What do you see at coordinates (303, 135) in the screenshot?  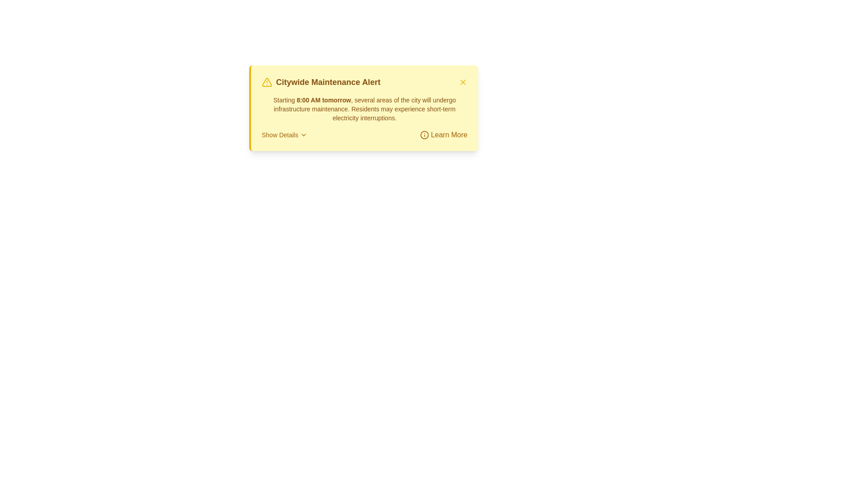 I see `the 'chevron-down' icon located to the right of the 'Show Details' text in the notification box` at bounding box center [303, 135].